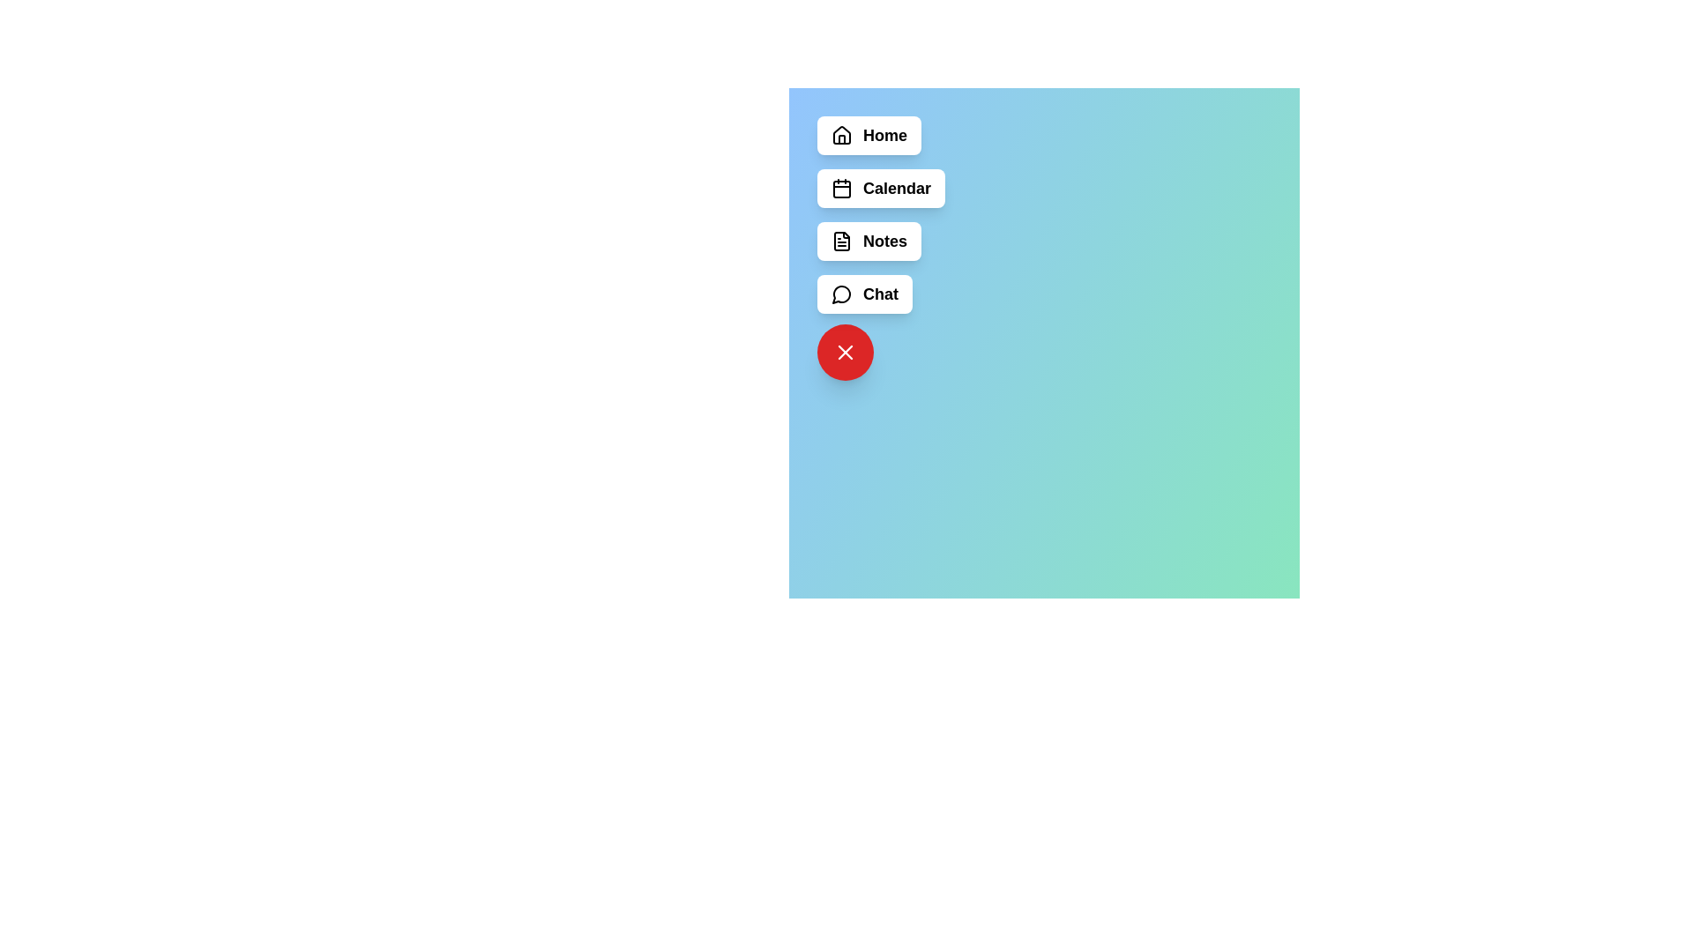 This screenshot has height=952, width=1693. I want to click on the icon of the menu item labeled Chat, so click(841, 294).